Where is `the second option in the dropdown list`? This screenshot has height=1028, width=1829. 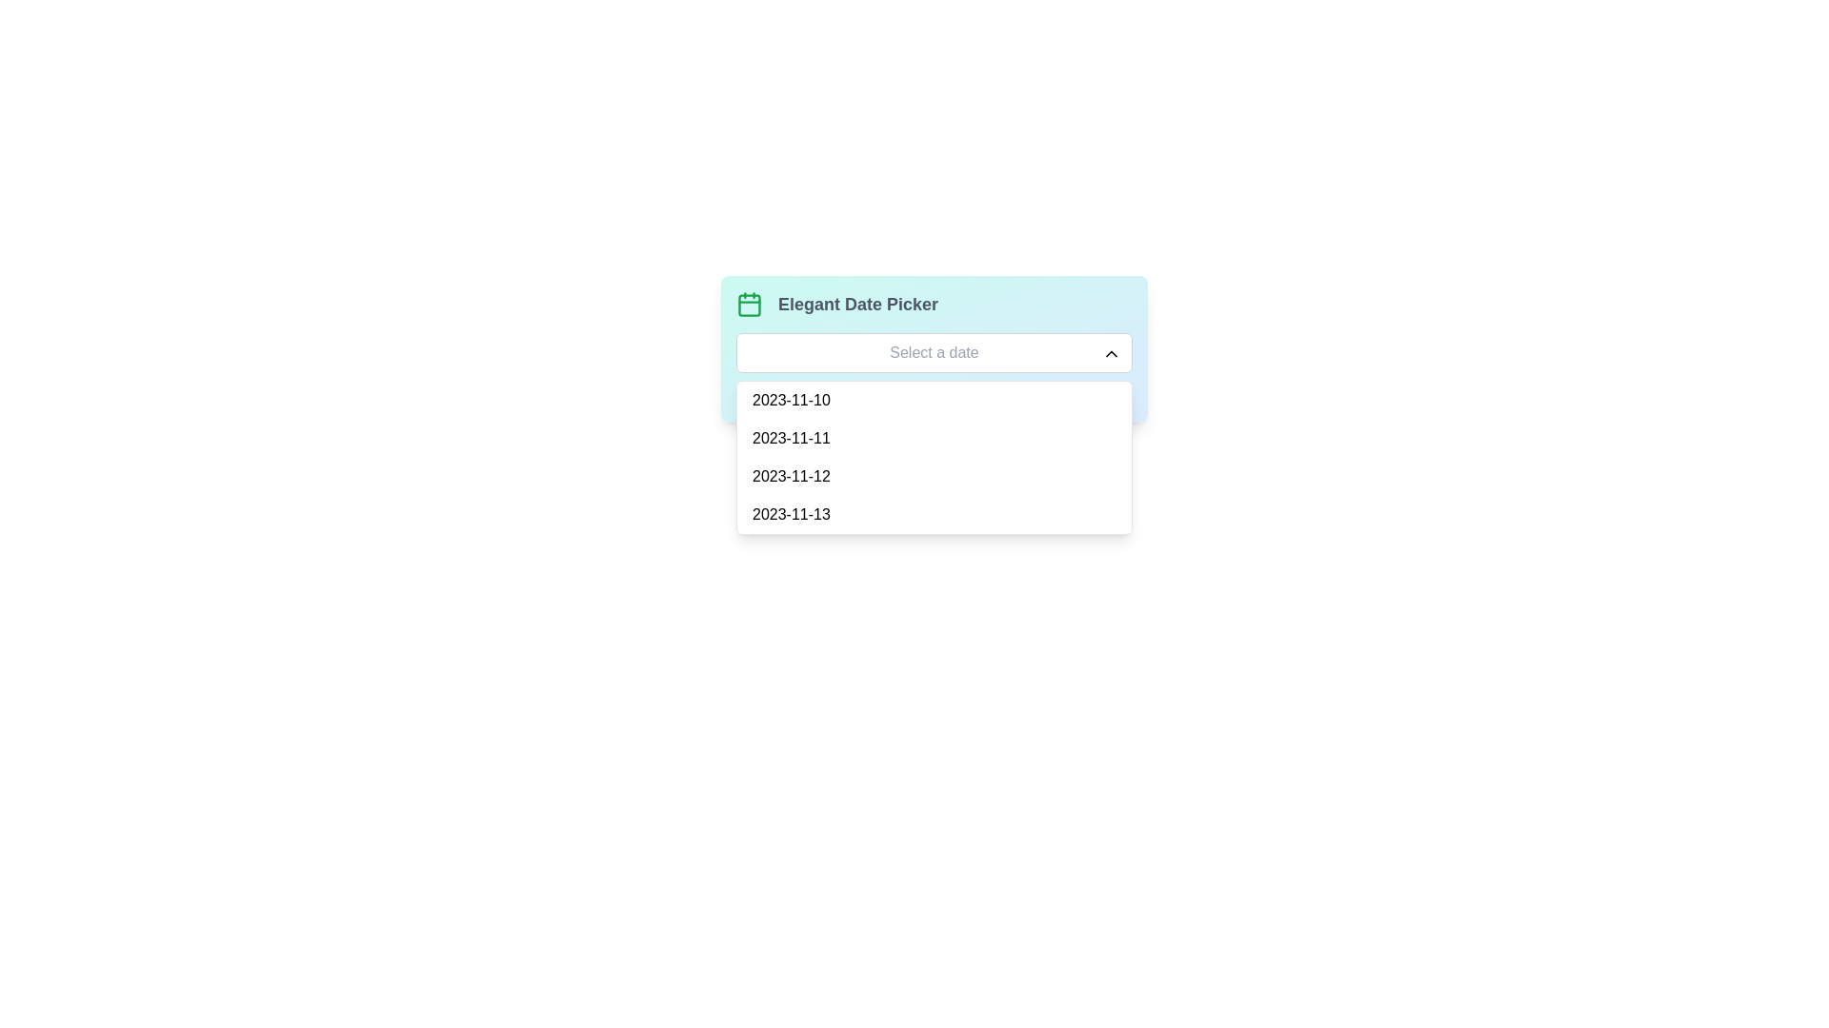
the second option in the dropdown list is located at coordinates (934, 439).